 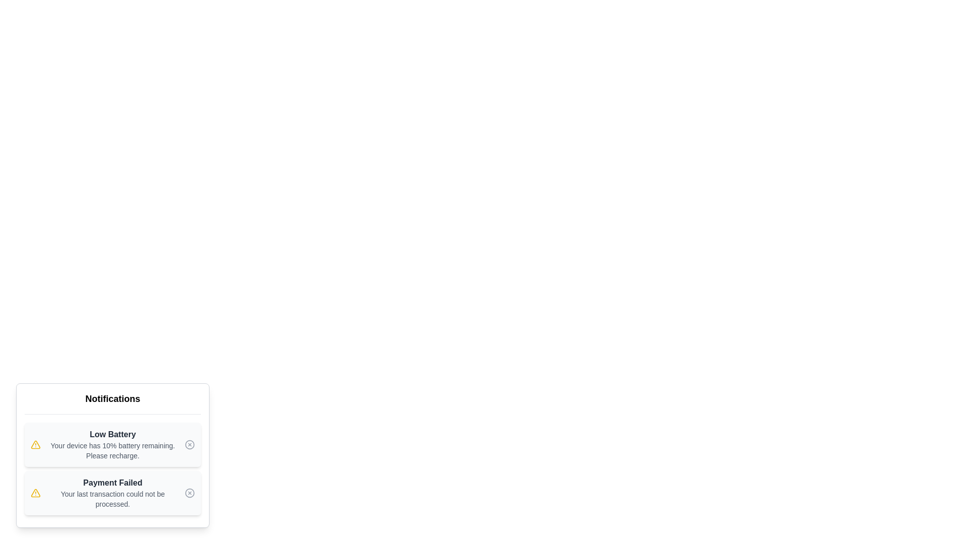 What do you see at coordinates (113, 450) in the screenshot?
I see `text content of the text label that displays 'Your device has 10% battery remaining. Please recharge.' located below the 'Low Battery' title` at bounding box center [113, 450].